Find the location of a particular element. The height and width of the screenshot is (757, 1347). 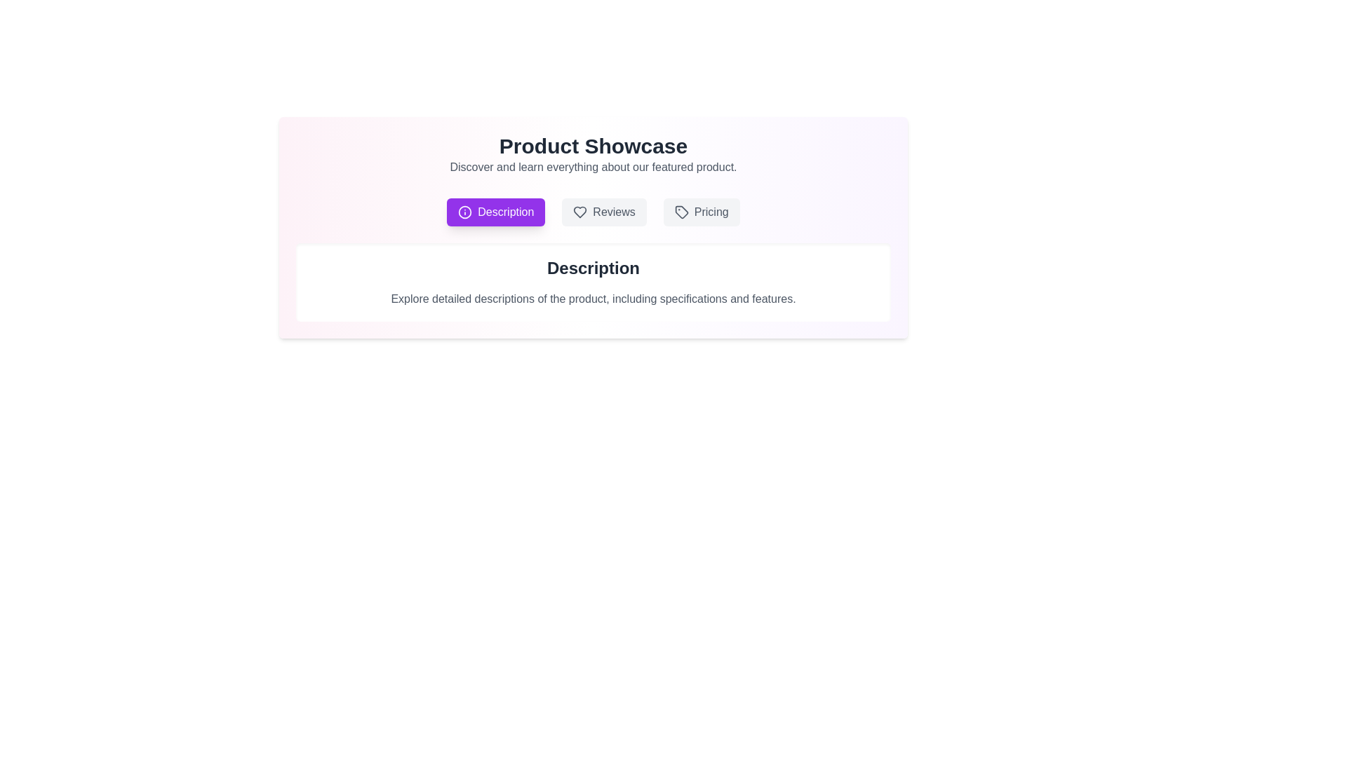

the Reviews tab is located at coordinates (604, 212).